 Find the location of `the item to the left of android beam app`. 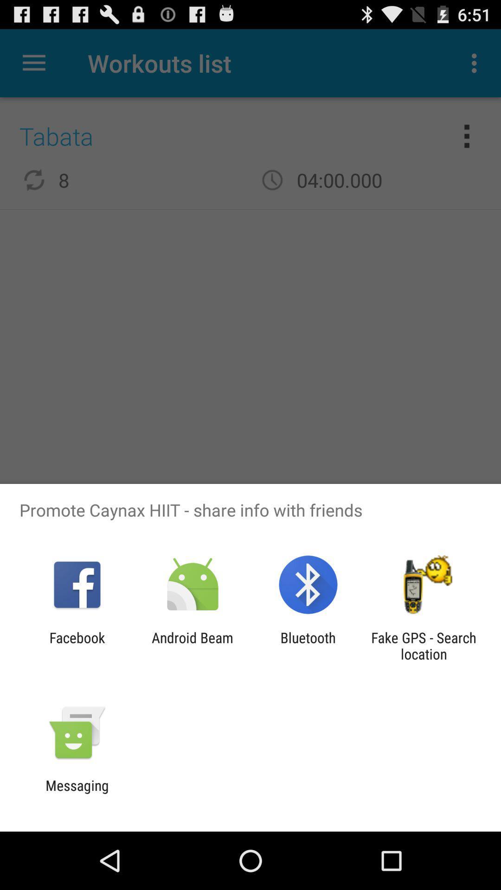

the item to the left of android beam app is located at coordinates (77, 645).